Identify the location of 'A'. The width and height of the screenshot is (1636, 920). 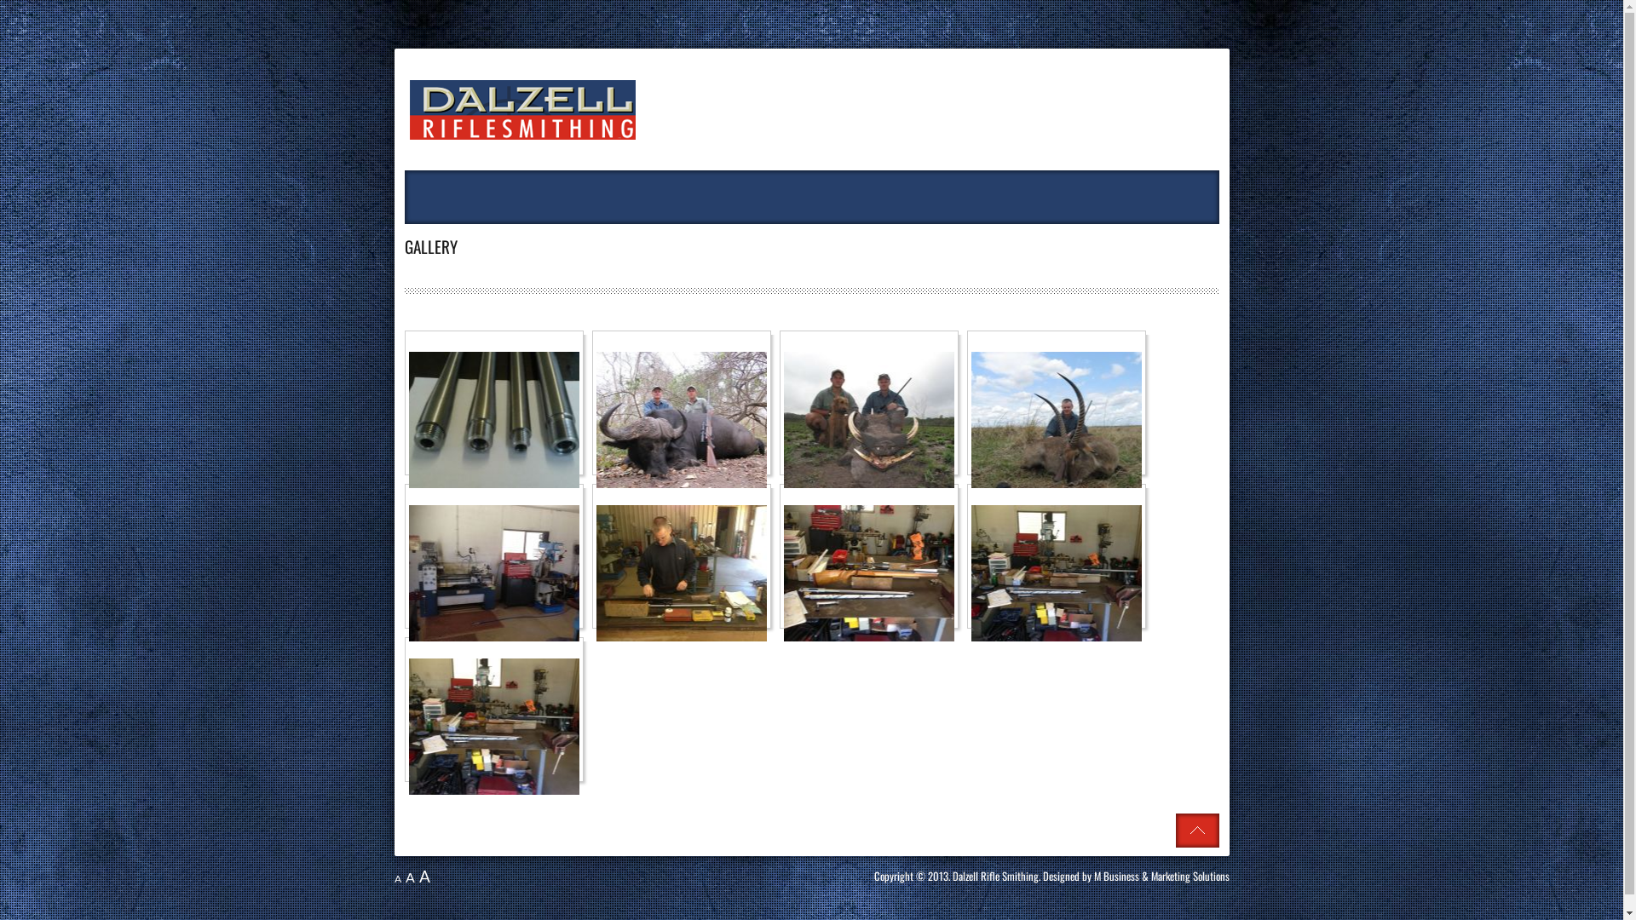
(395, 878).